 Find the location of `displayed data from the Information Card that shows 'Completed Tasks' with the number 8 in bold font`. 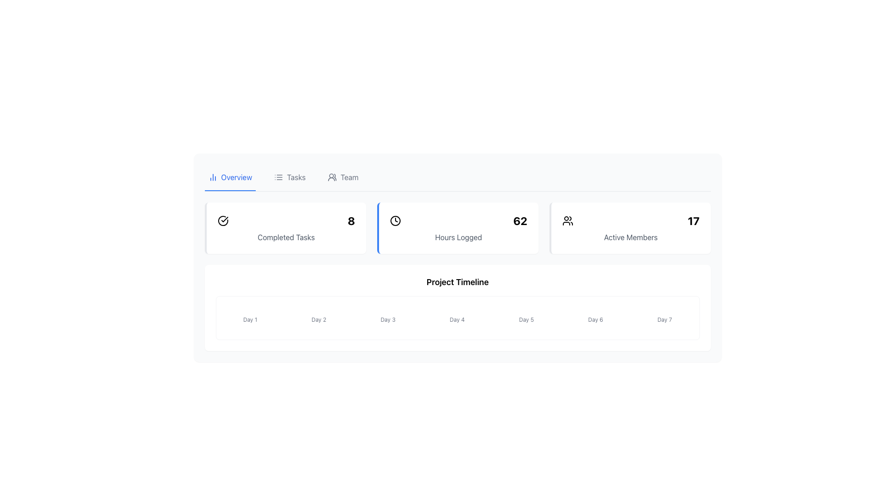

displayed data from the Information Card that shows 'Completed Tasks' with the number 8 in bold font is located at coordinates (285, 227).